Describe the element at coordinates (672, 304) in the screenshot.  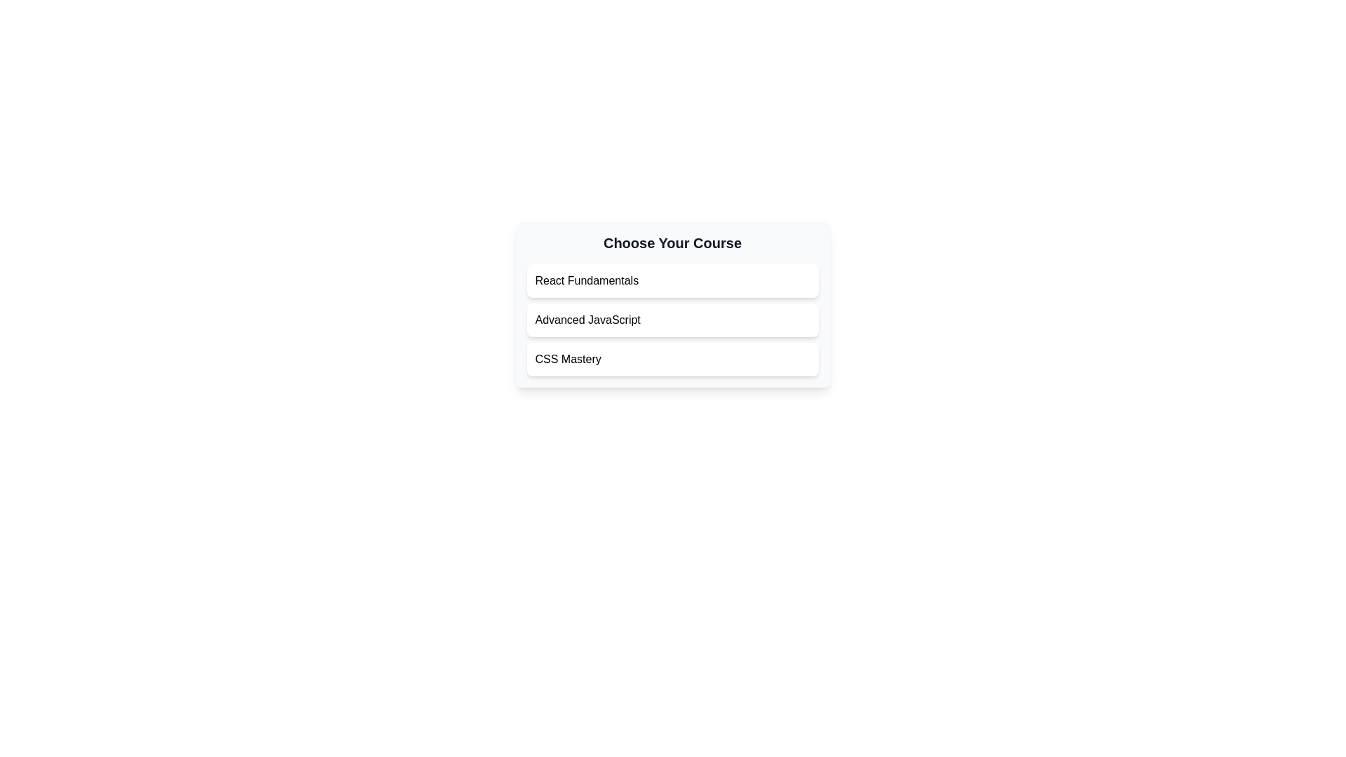
I see `the second button in the group of three horizontally-aligned, rounded, white buttons containing course options` at that location.